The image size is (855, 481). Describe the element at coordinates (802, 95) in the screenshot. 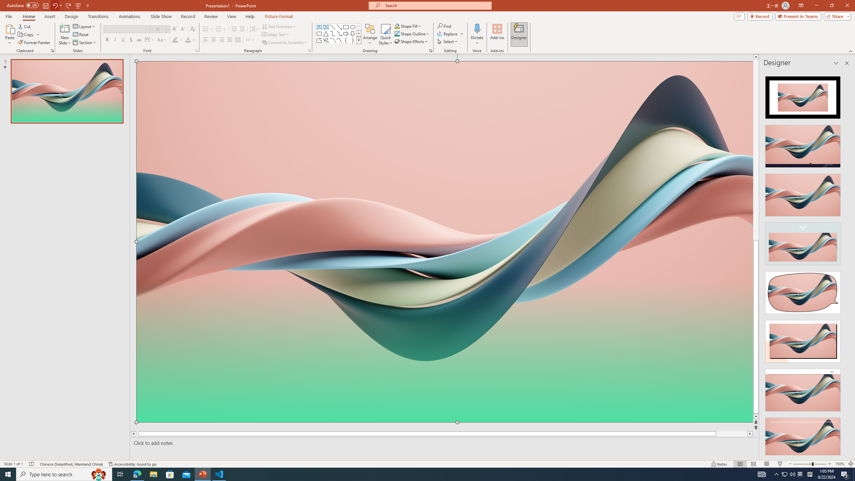

I see `'Recommended Design: Design Idea'` at that location.